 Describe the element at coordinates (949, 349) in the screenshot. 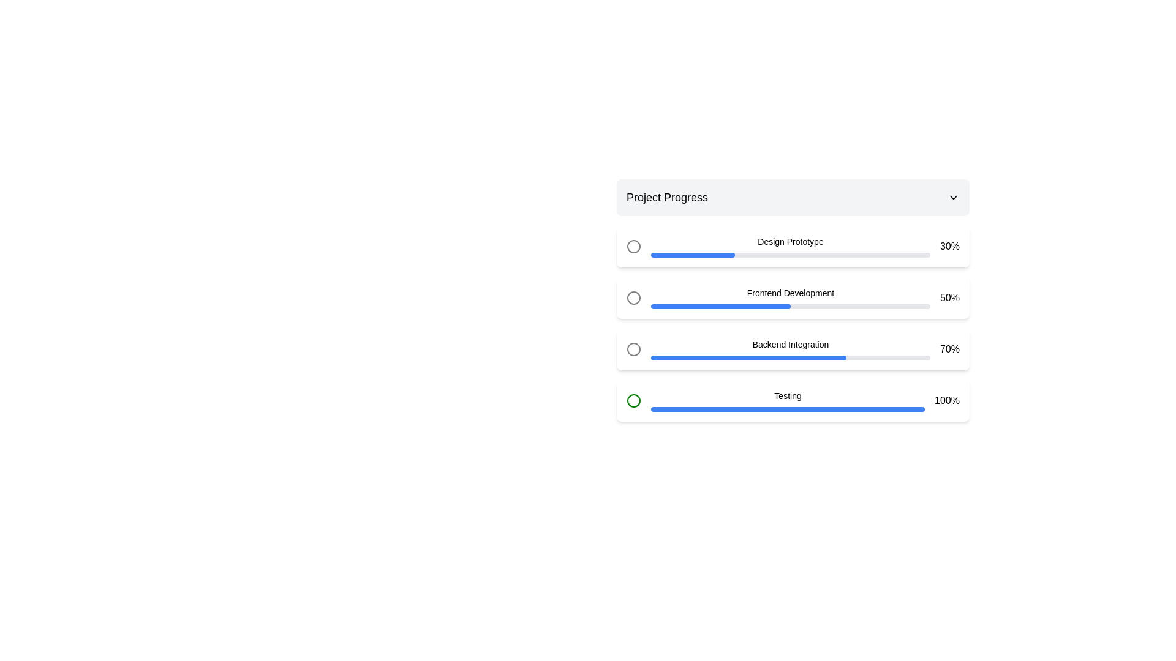

I see `percentage completion displayed on the text label located at the top-right of the 'Backend Integration' progress row` at that location.